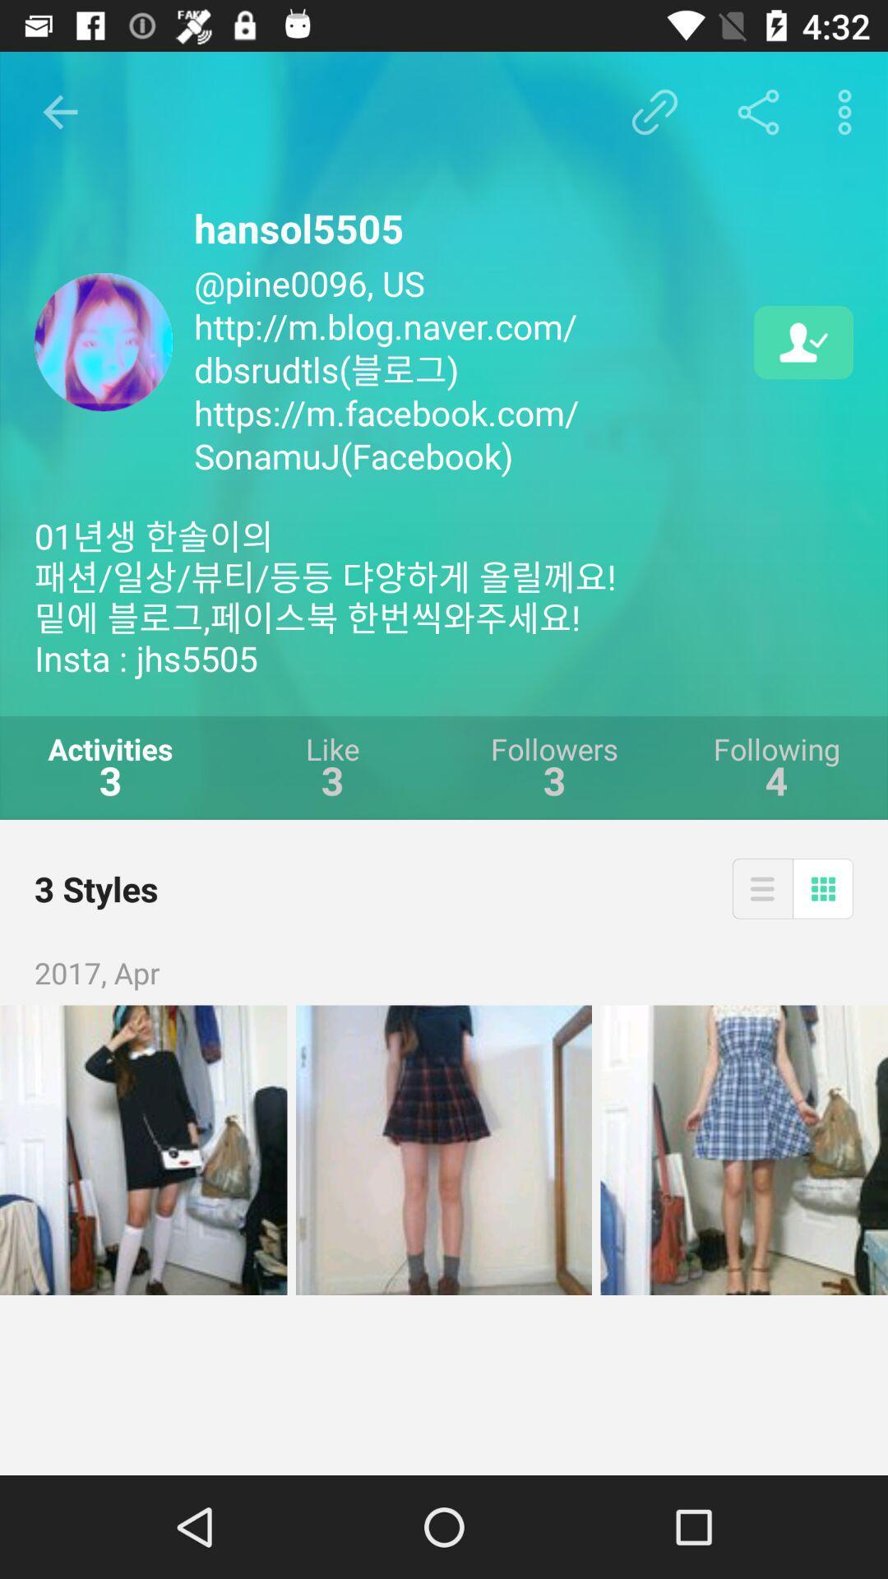 The image size is (888, 1579). What do you see at coordinates (762, 887) in the screenshot?
I see `the item next to the 3 styles icon` at bounding box center [762, 887].